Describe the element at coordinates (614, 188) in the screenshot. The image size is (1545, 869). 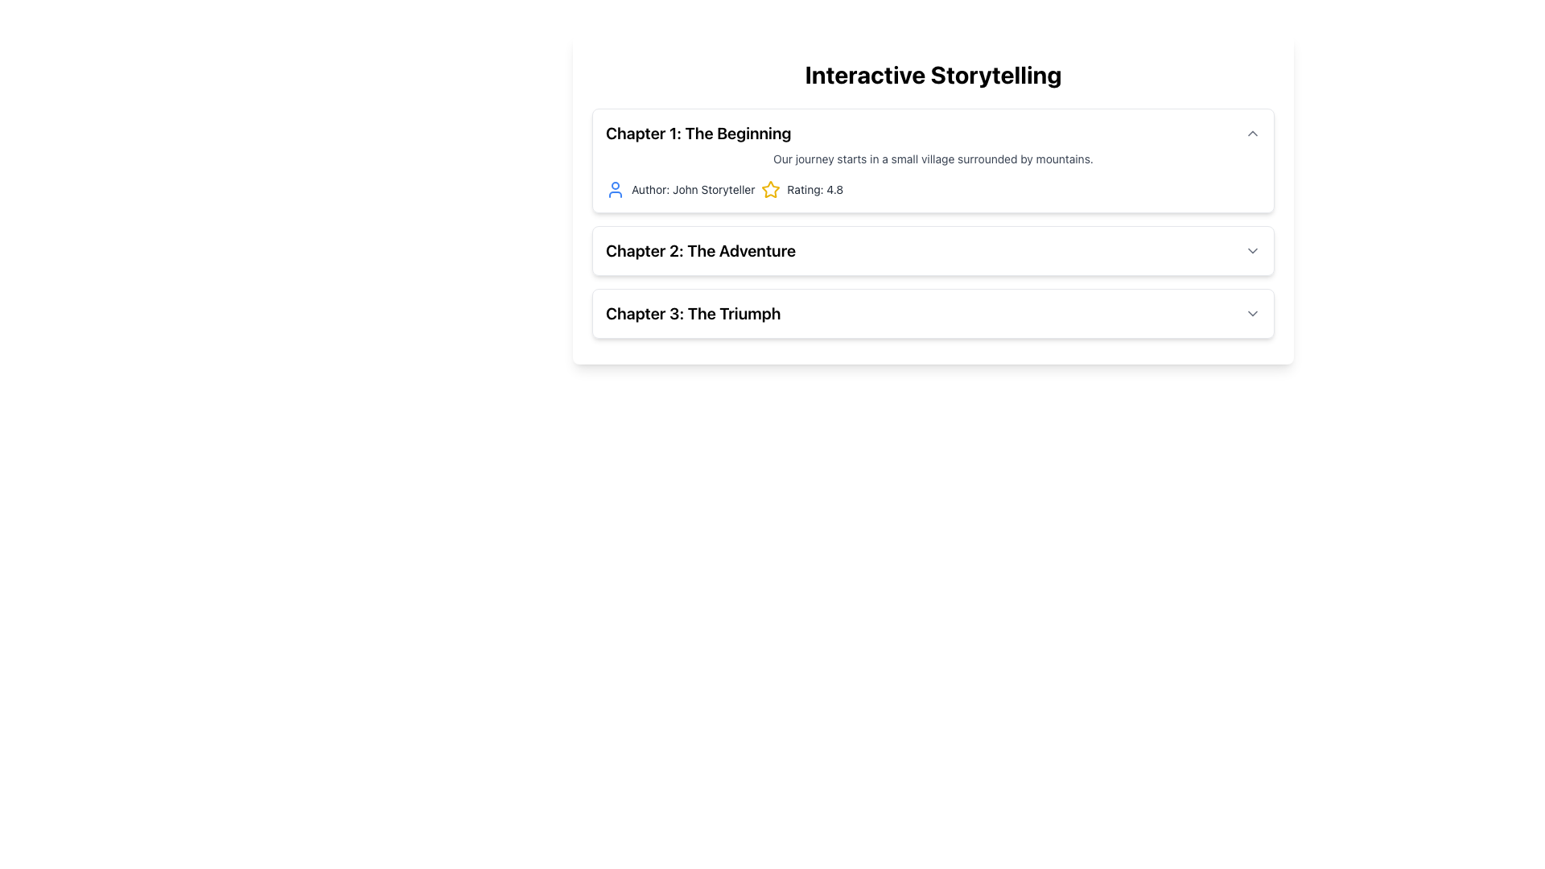
I see `the user profile circular icon with a blue outline, located in the first card labeled 'Chapter 1: The Beginning', positioned to the far left before the text 'Author: John Storyteller'` at that location.